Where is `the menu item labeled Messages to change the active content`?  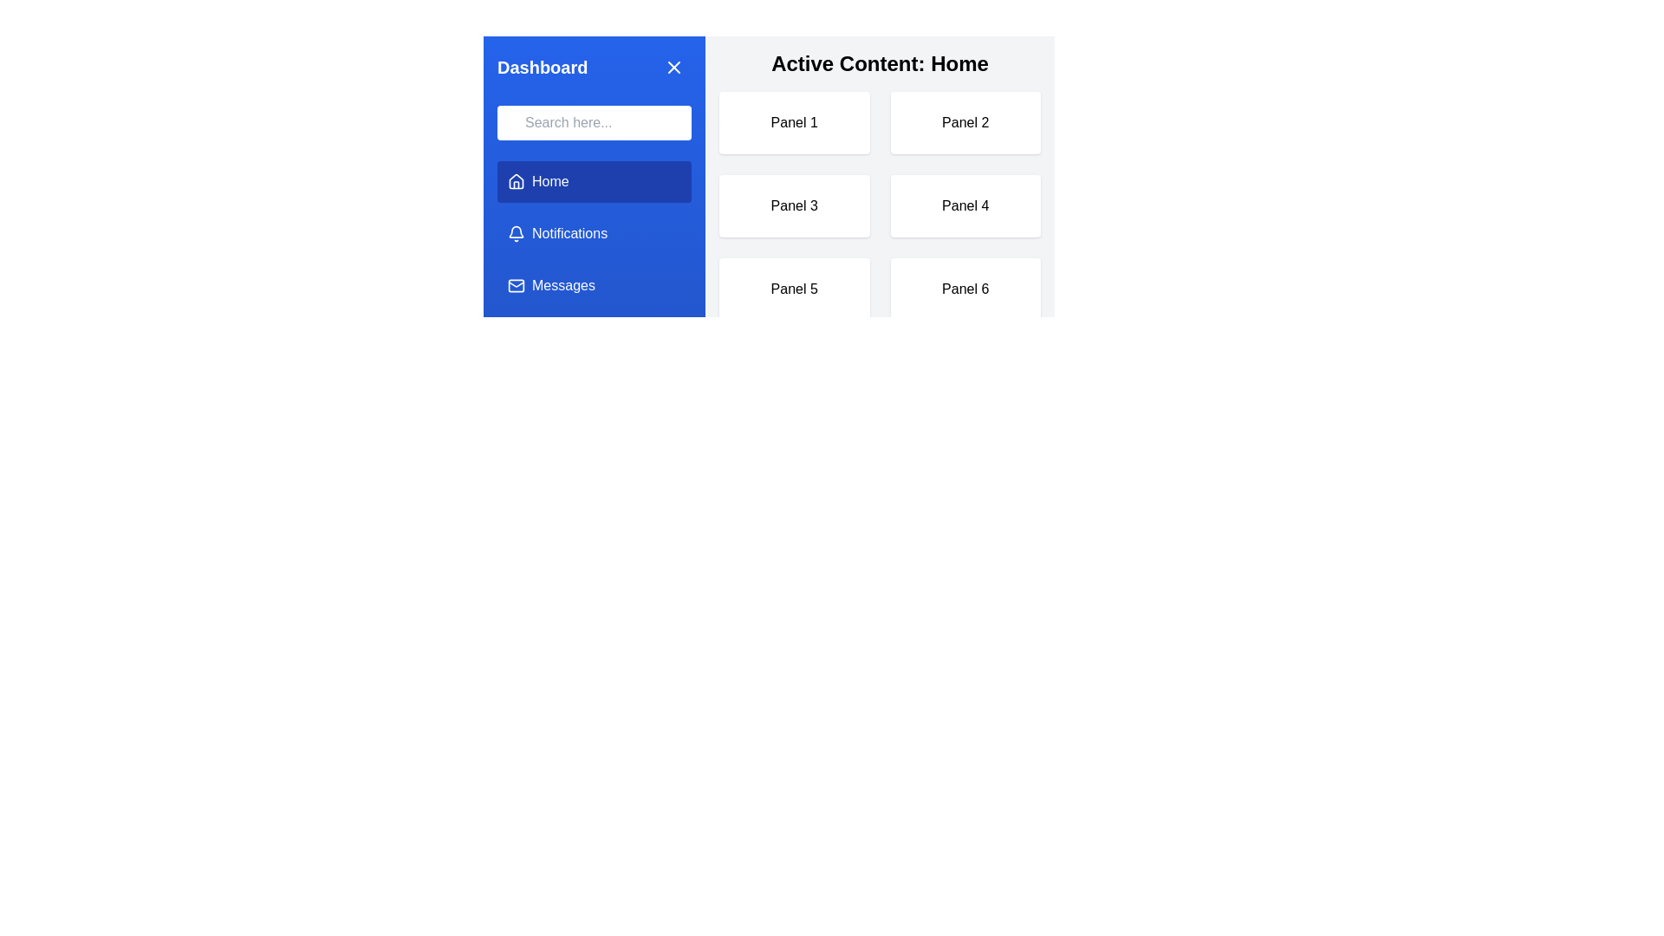 the menu item labeled Messages to change the active content is located at coordinates (595, 285).